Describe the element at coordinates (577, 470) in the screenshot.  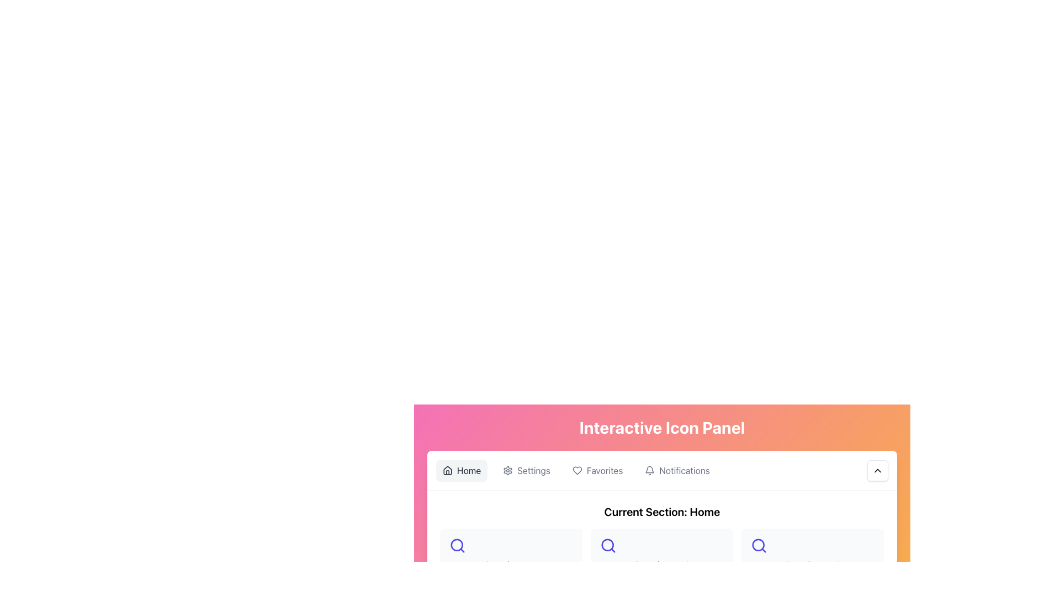
I see `the heart-shaped icon filled with a gradient color in the top navigation bar, located between the 'Settings' and 'Notifications' icons in the 'Favorites' section` at that location.